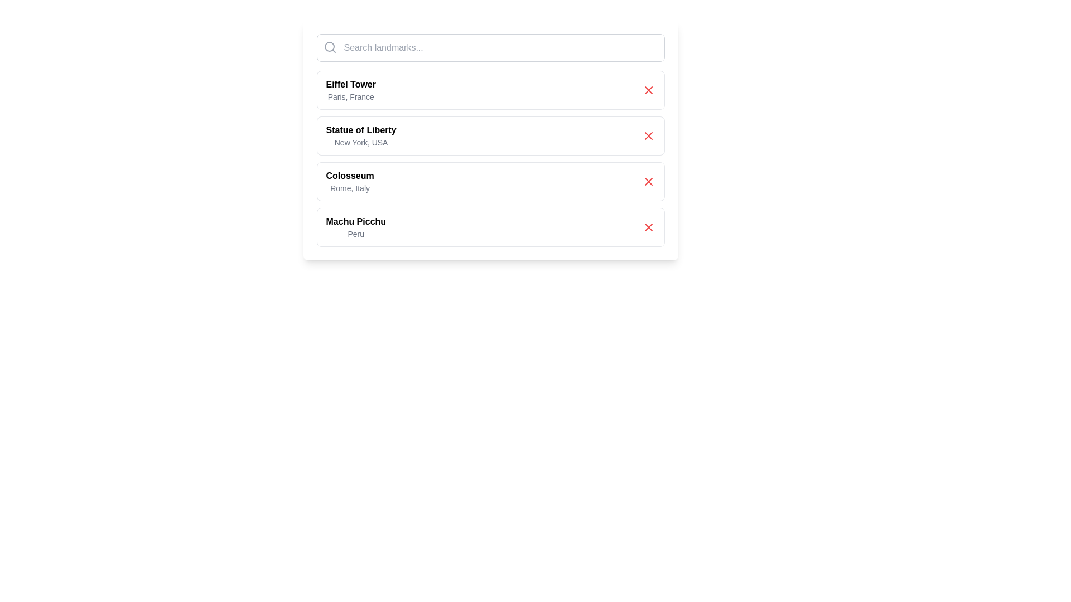 This screenshot has width=1071, height=602. Describe the element at coordinates (648, 135) in the screenshot. I see `the red cross icon button indicating a cancellation or deletion action, located at the end of the row containing 'Statue of Liberty' and 'New York, USA'` at that location.